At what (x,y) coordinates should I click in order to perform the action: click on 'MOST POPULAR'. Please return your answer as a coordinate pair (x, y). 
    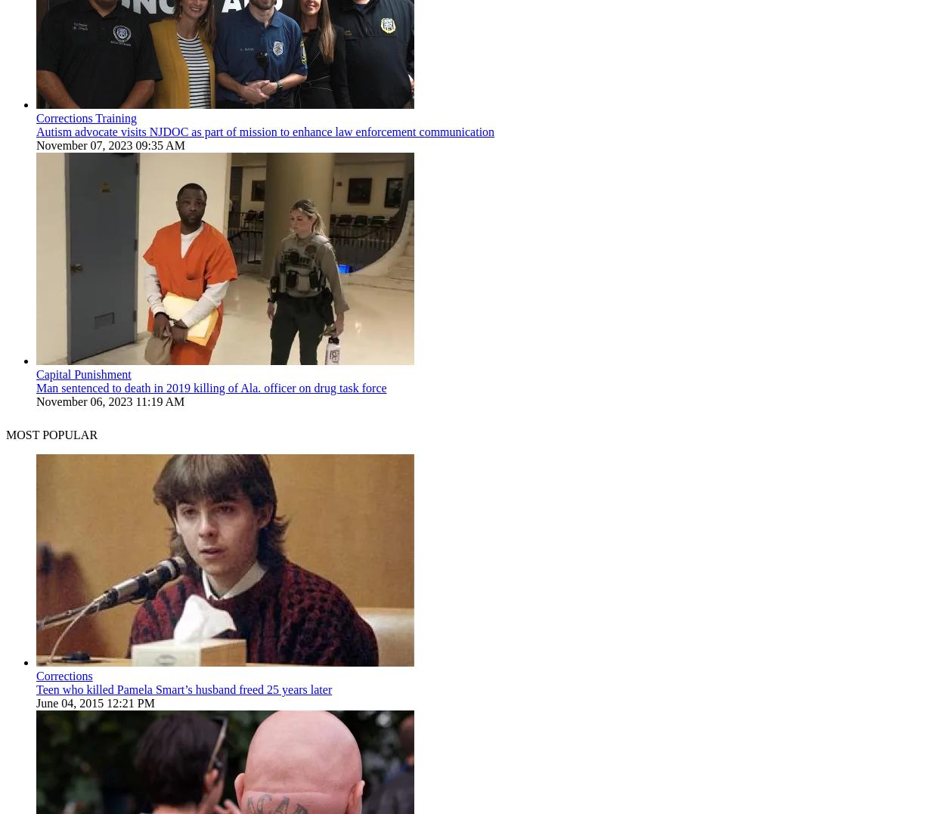
    Looking at the image, I should click on (6, 435).